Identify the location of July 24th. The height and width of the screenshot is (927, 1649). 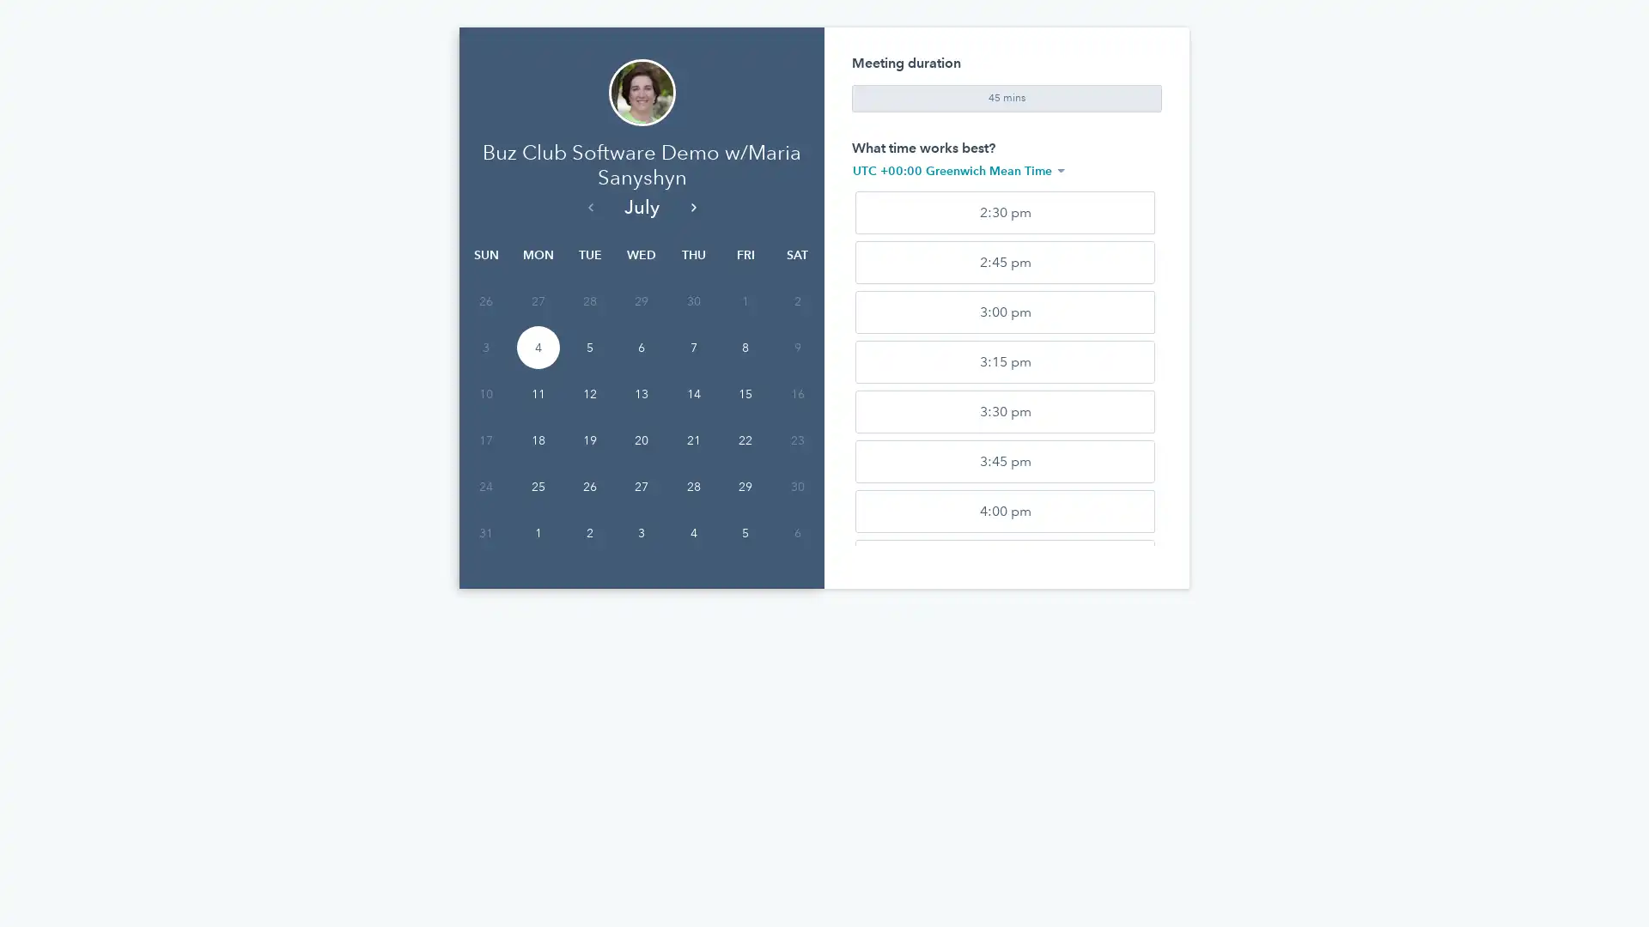
(485, 552).